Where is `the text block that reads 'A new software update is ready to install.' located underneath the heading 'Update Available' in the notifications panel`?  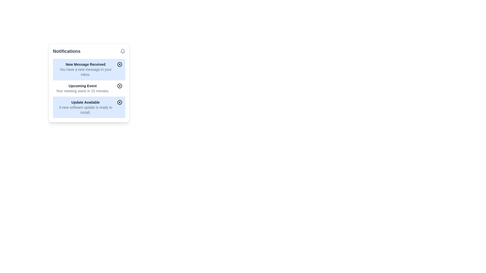 the text block that reads 'A new software update is ready to install.' located underneath the heading 'Update Available' in the notifications panel is located at coordinates (85, 110).